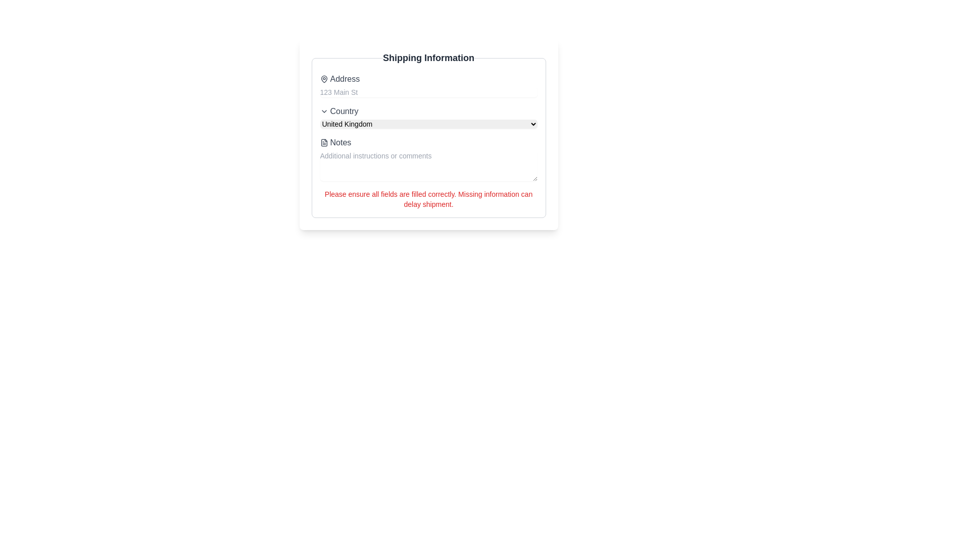  I want to click on the dropdown menu displaying 'United Kingdom' in the 'Shipping Information' section by tabbing through the interactive elements, so click(428, 124).